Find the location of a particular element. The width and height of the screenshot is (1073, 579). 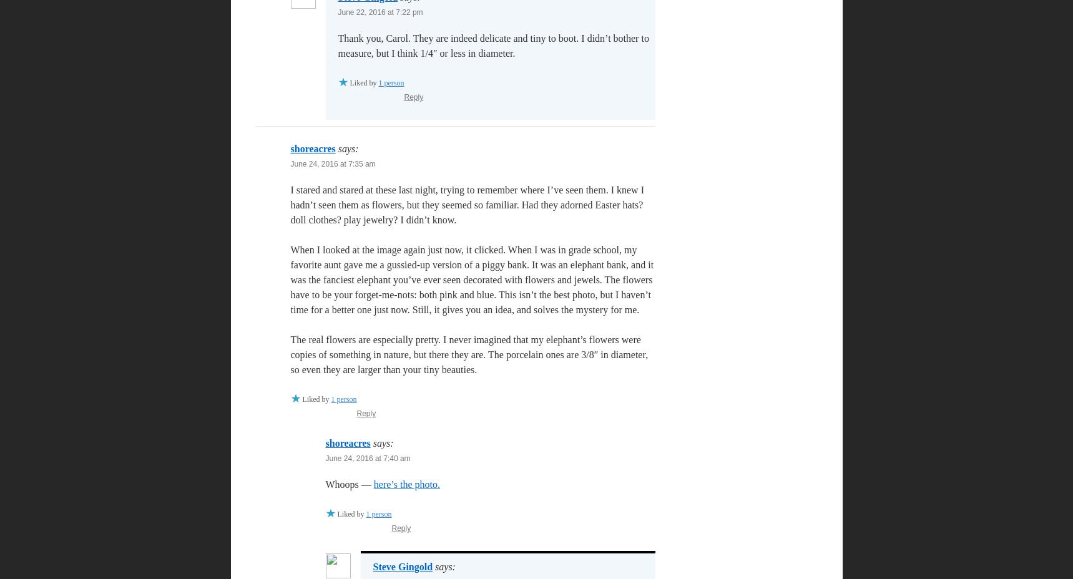

'Thank you, Carol.  They are indeed delicate and tiny to boot.  I didn’t bother to measure, but I think 1/4″ or less in diameter.' is located at coordinates (336, 45).